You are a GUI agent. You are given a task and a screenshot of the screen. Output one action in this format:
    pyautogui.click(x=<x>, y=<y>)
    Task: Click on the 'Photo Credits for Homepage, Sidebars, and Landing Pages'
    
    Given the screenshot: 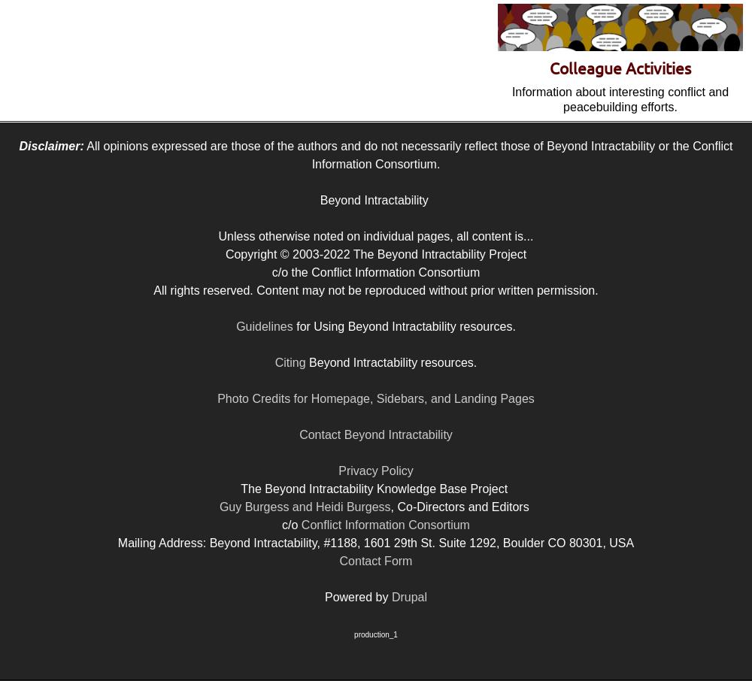 What is the action you would take?
    pyautogui.click(x=374, y=398)
    